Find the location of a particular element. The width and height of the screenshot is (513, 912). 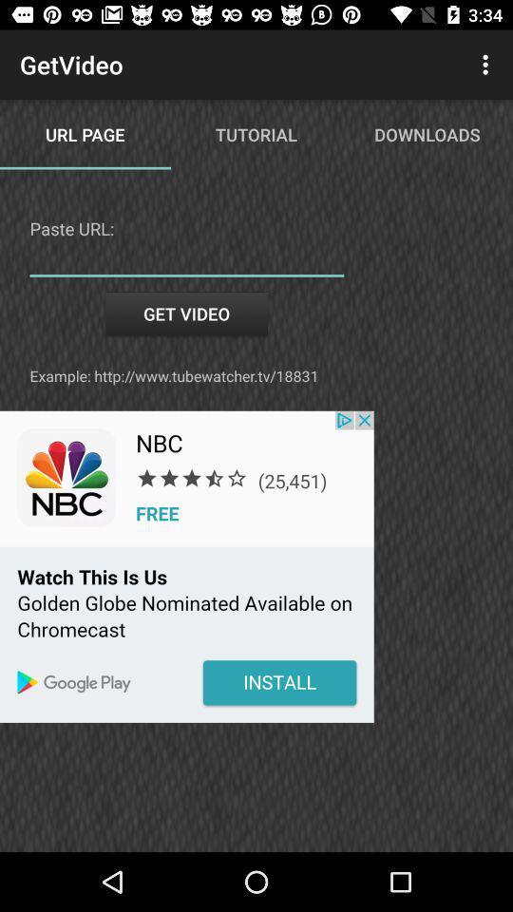

click for nbc free app is located at coordinates (186, 566).